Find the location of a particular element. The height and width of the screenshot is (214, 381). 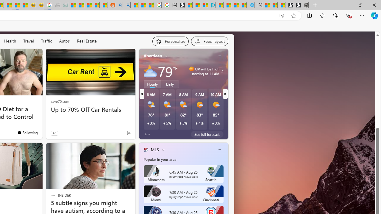

'tab-0' is located at coordinates (145, 134).